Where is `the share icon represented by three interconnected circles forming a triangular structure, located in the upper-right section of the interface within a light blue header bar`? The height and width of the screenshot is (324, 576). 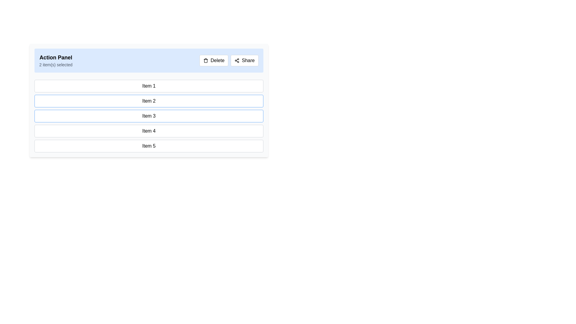
the share icon represented by three interconnected circles forming a triangular structure, located in the upper-right section of the interface within a light blue header bar is located at coordinates (237, 60).